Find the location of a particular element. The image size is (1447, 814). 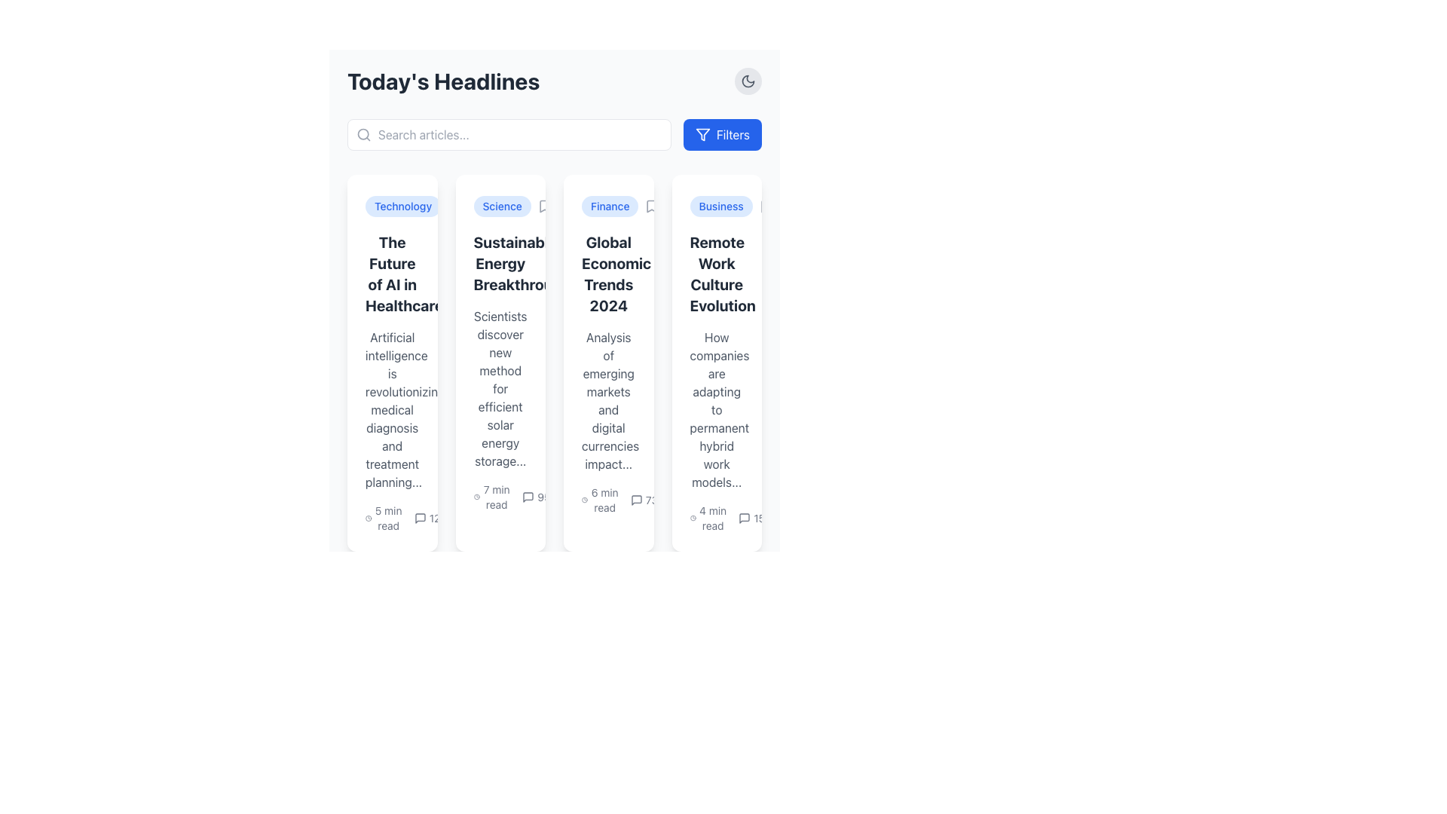

text from the rounded rectangular label with a light blue background and bold blue text reading 'Technology', located above the article titled 'The Future of AI in Healthcare' is located at coordinates (403, 206).